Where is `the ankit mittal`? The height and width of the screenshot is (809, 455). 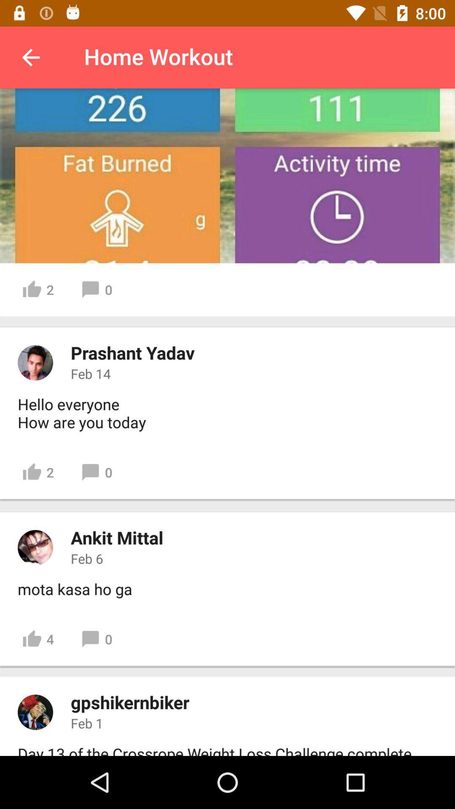 the ankit mittal is located at coordinates (117, 537).